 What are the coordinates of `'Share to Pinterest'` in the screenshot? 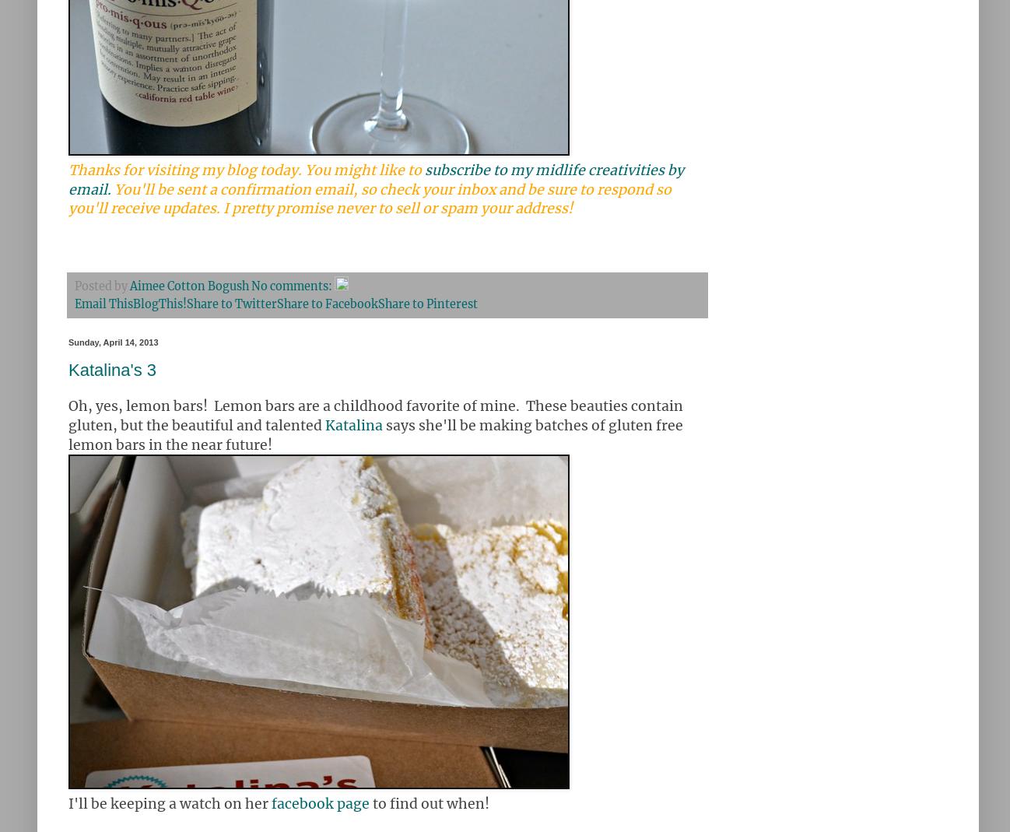 It's located at (426, 304).